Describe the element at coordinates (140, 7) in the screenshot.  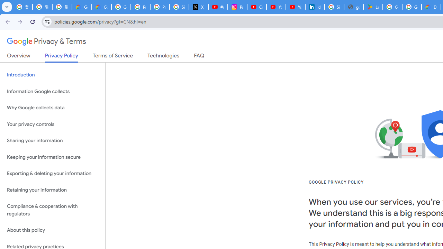
I see `'Privacy Help Center - Policies Help'` at that location.